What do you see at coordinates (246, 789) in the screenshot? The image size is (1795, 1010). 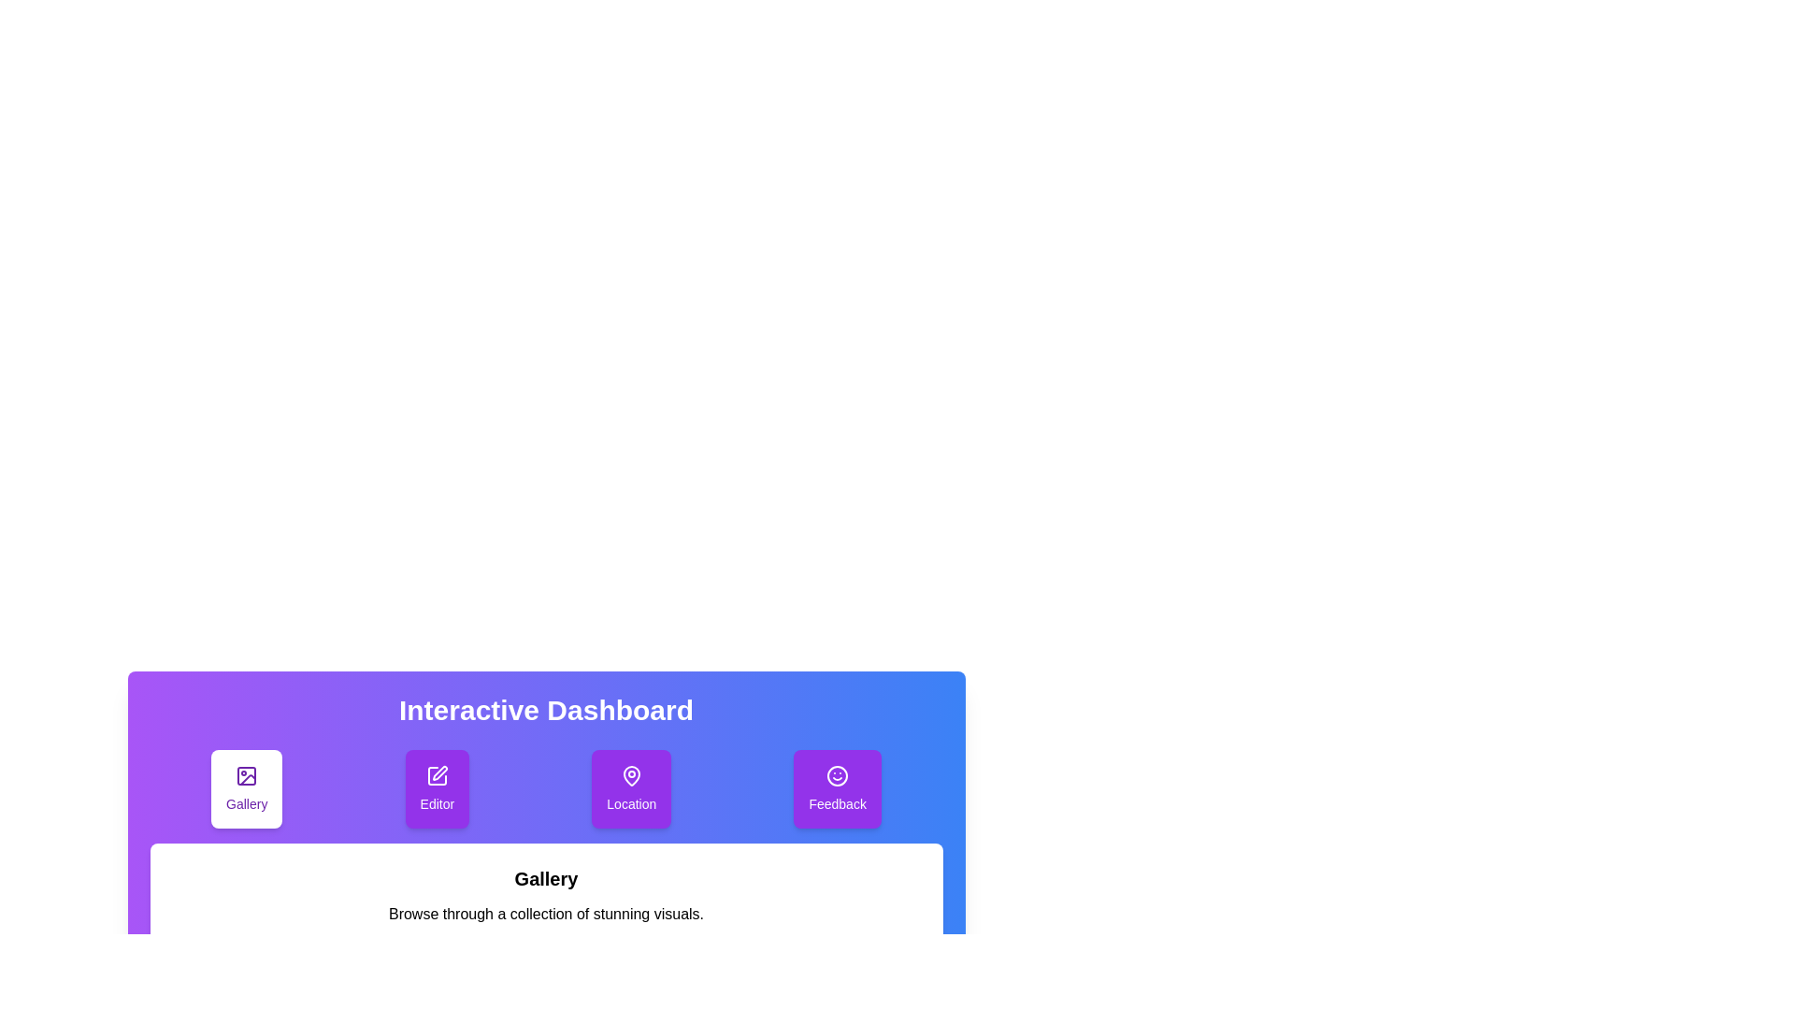 I see `the tab labeled Gallery by clicking on its button` at bounding box center [246, 789].